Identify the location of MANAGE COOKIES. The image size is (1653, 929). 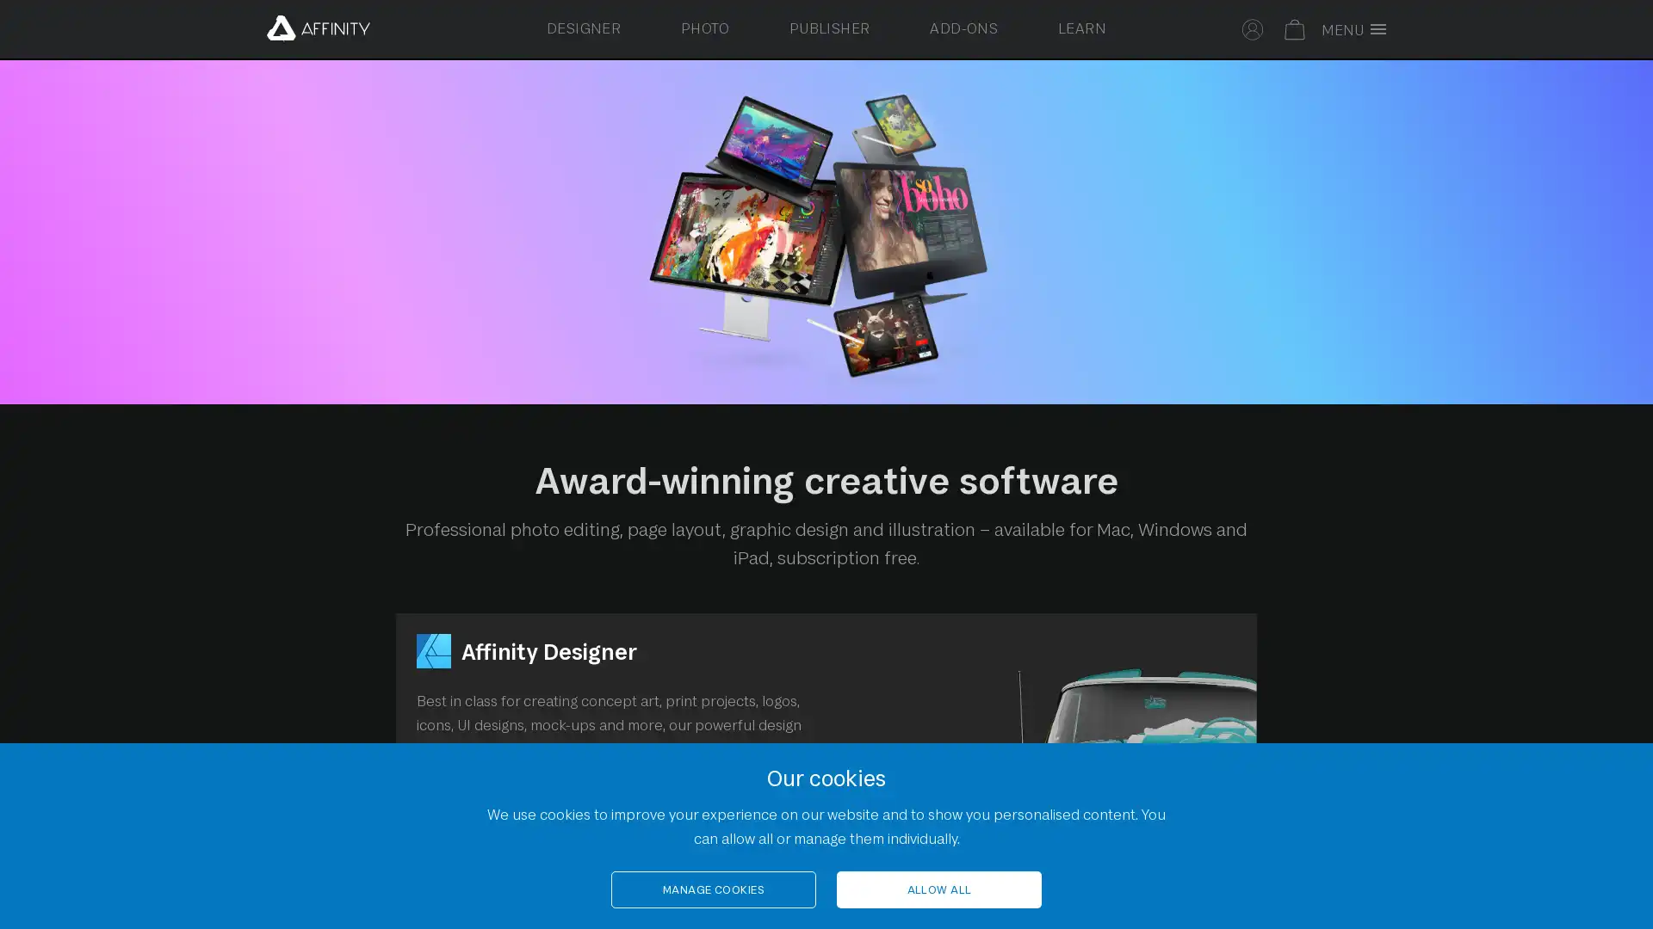
(714, 889).